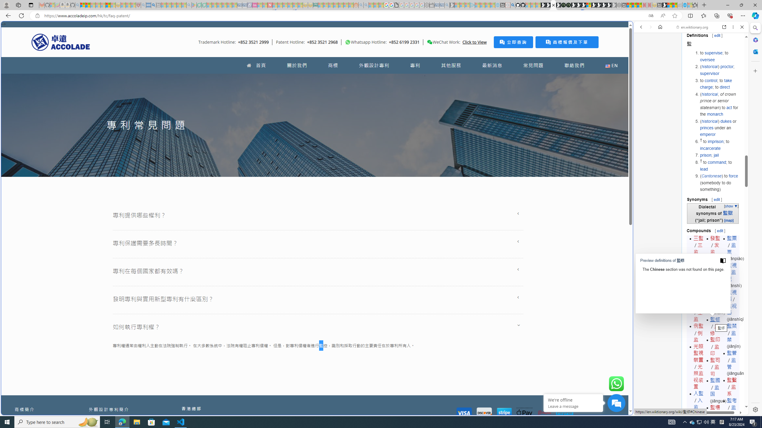  What do you see at coordinates (60, 42) in the screenshot?
I see `'Accolade IP HK Logo'` at bounding box center [60, 42].